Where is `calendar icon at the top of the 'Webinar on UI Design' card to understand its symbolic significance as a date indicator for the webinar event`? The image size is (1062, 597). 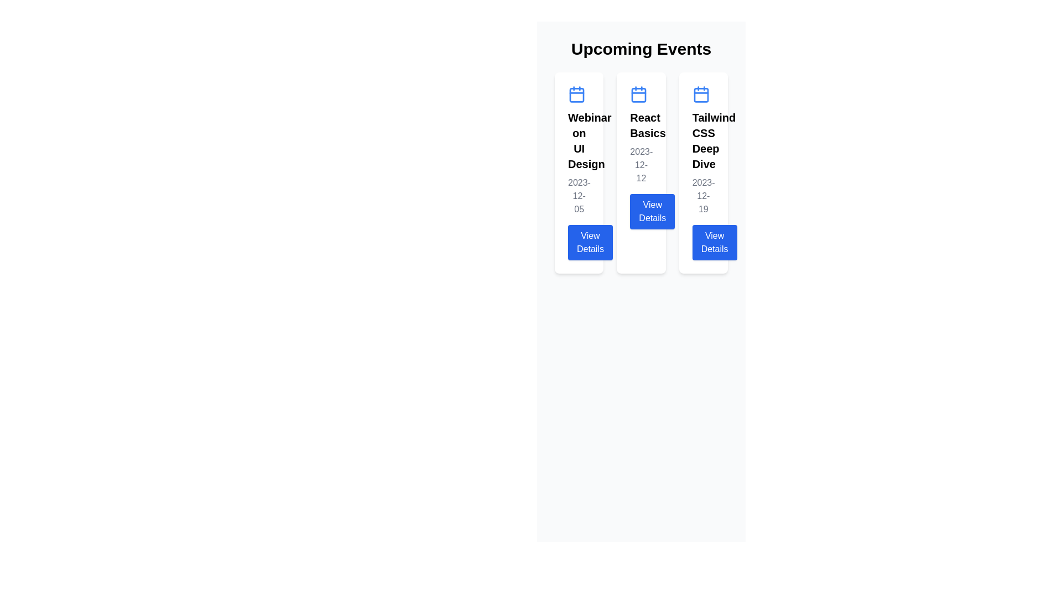
calendar icon at the top of the 'Webinar on UI Design' card to understand its symbolic significance as a date indicator for the webinar event is located at coordinates (576, 93).